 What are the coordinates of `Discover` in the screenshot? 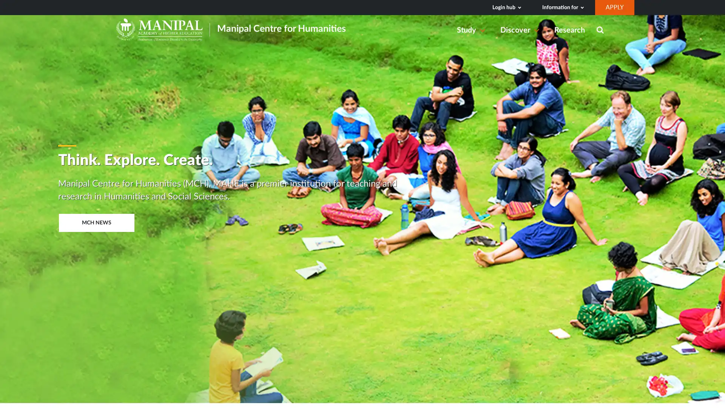 It's located at (521, 30).